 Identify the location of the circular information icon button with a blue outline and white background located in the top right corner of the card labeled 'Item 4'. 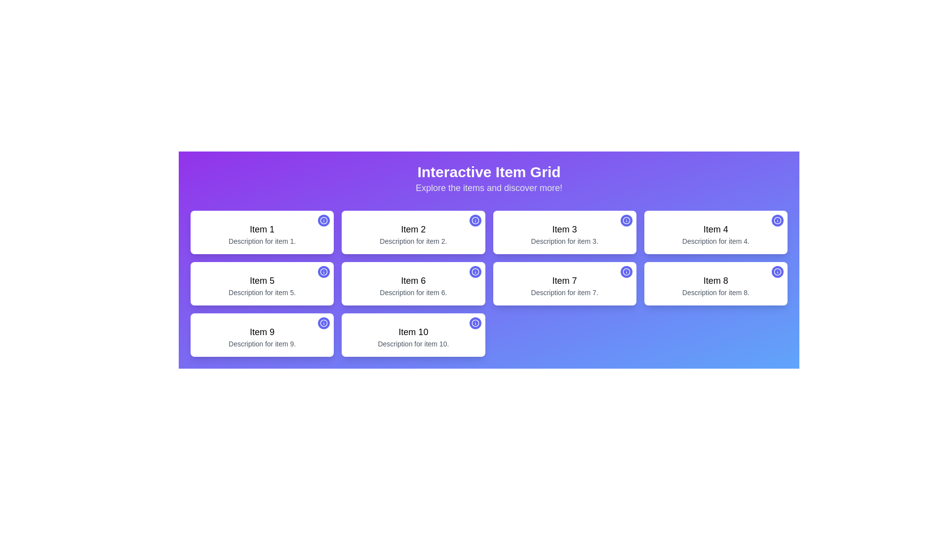
(777, 220).